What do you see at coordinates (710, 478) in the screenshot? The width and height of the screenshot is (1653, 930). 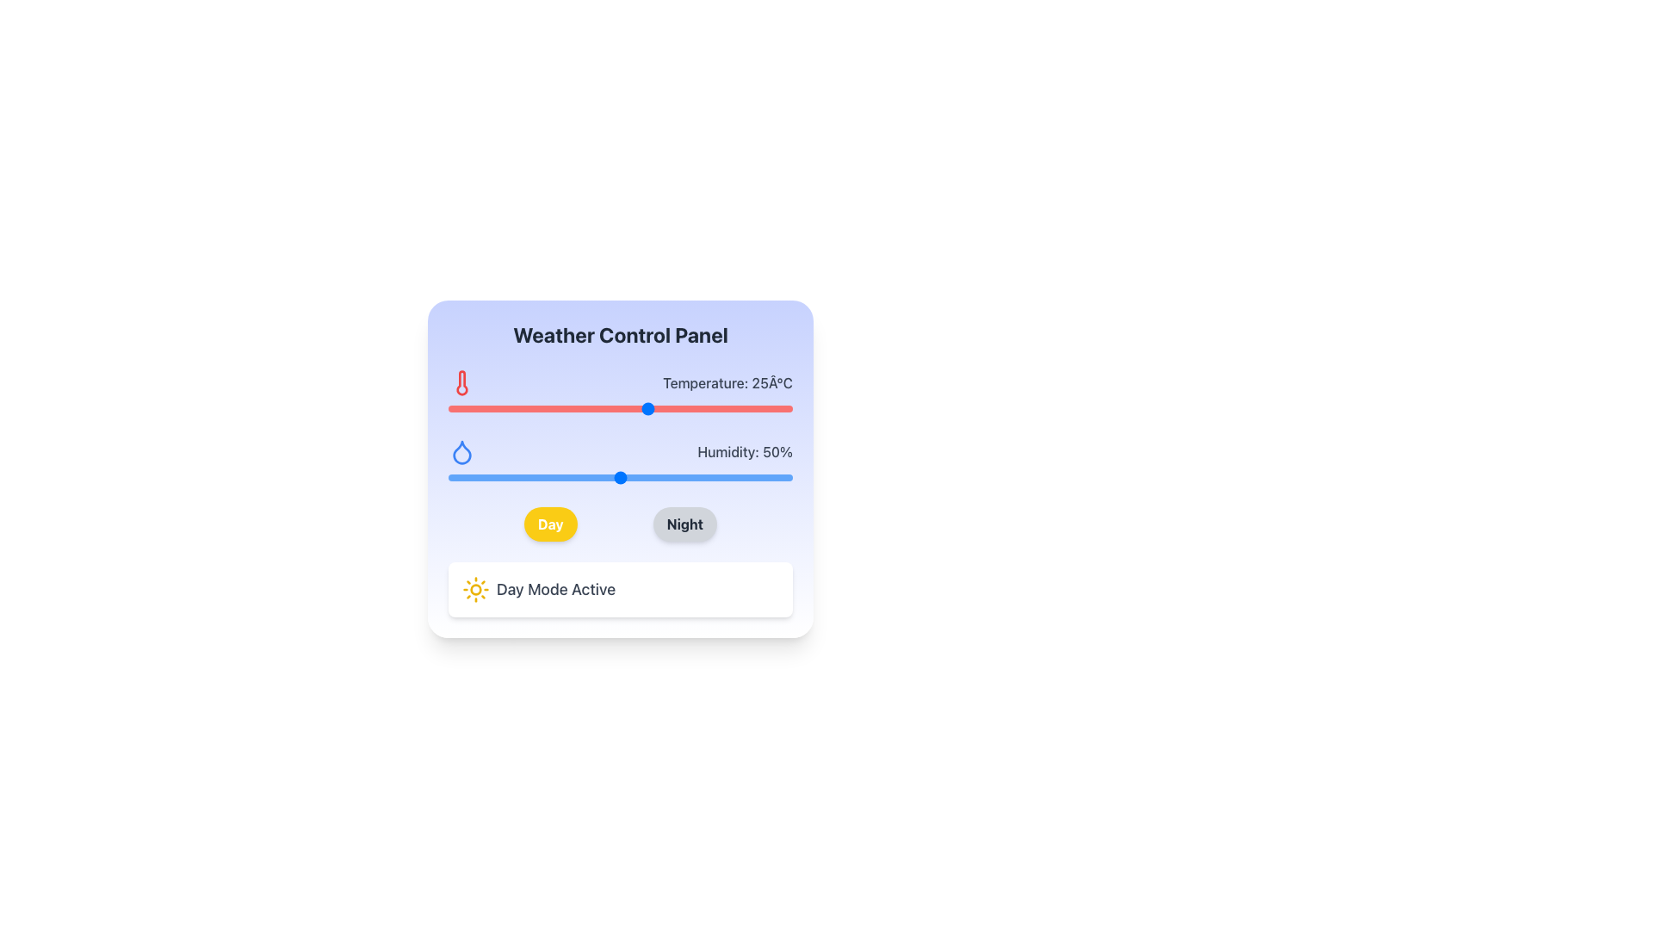 I see `humidity` at bounding box center [710, 478].